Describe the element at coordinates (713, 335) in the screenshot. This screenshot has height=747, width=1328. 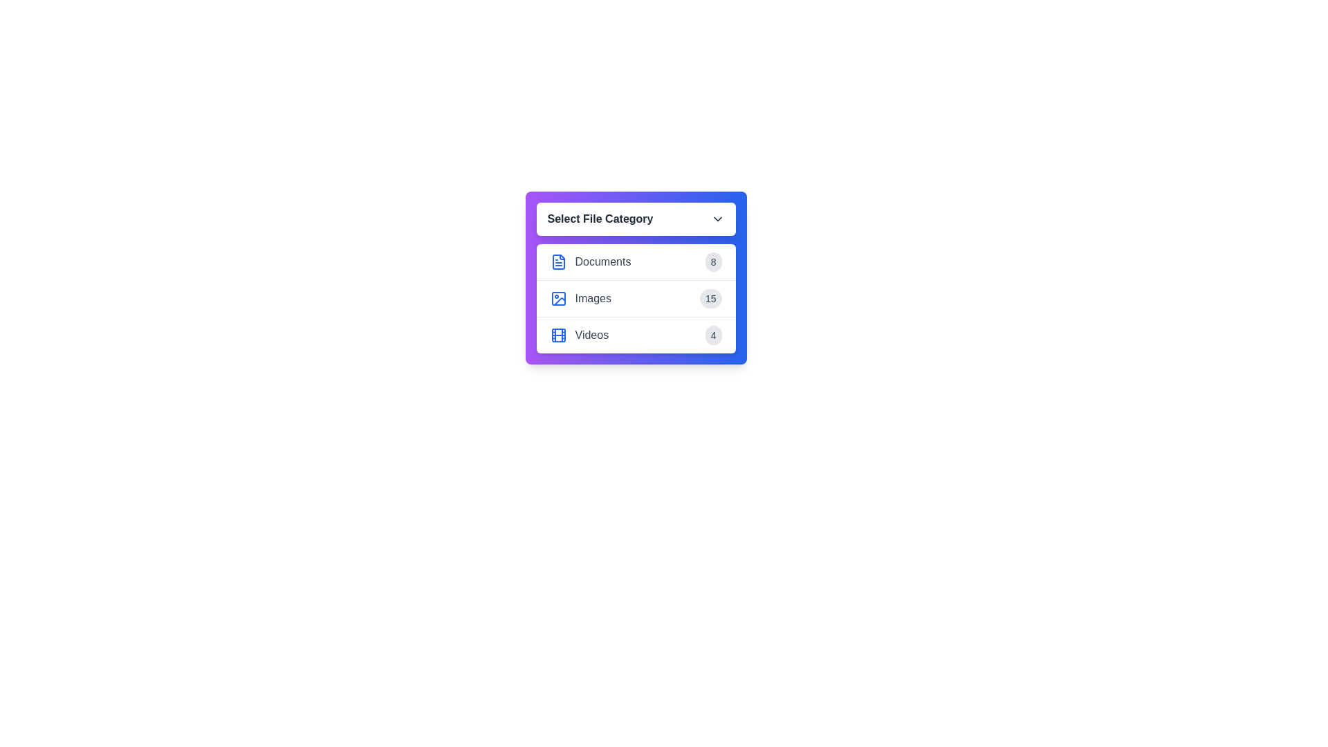
I see `the badge displaying the number '4' located to the right of the 'Videos' label in the dropdown menu` at that location.